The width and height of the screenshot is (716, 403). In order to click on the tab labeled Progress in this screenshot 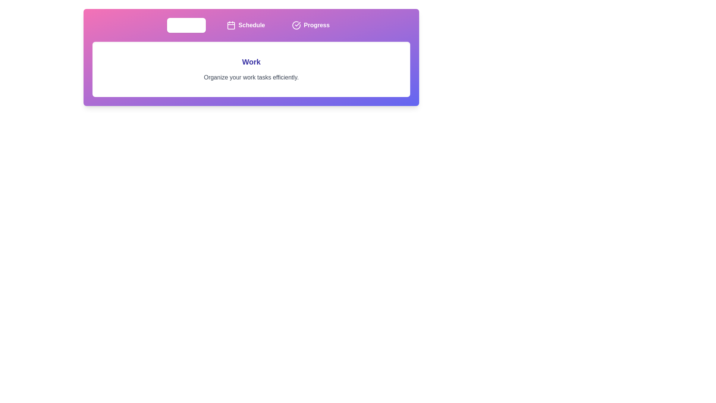, I will do `click(311, 25)`.